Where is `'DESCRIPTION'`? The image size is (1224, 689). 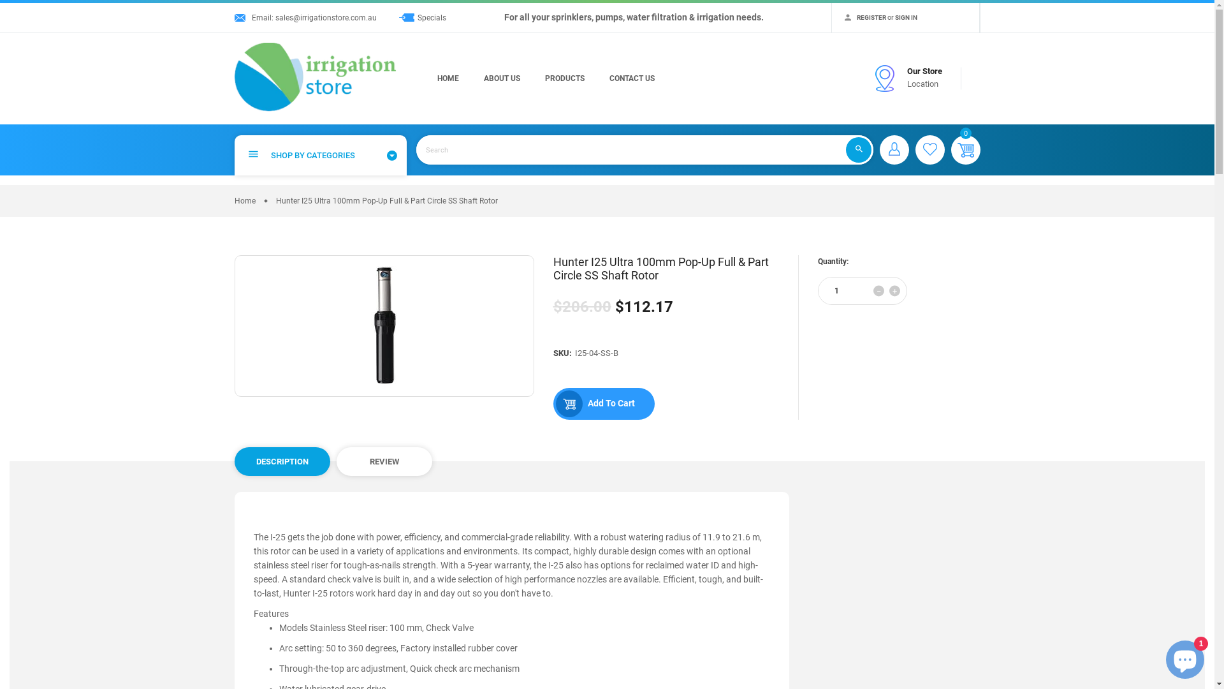
'DESCRIPTION' is located at coordinates (281, 461).